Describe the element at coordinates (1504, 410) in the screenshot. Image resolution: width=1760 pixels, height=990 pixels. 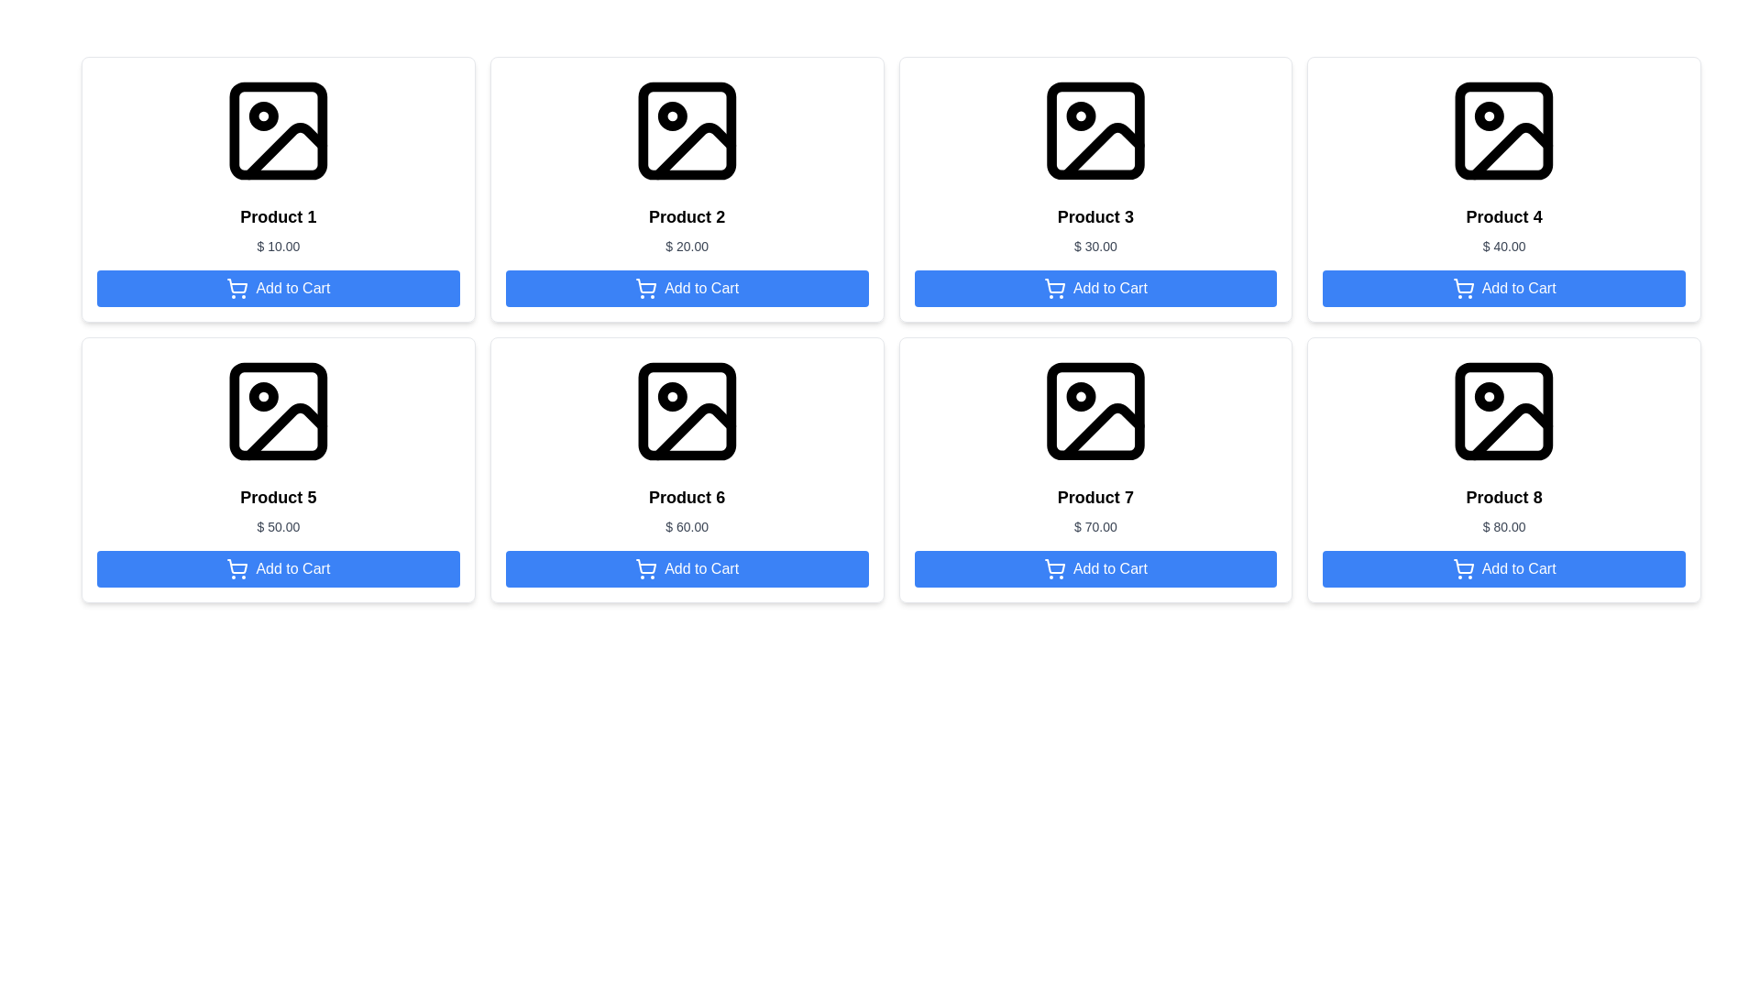
I see `the small rectangular SVG element with rounded corners and a black stroke located within the image placeholder of the 'Product 8' card` at that location.